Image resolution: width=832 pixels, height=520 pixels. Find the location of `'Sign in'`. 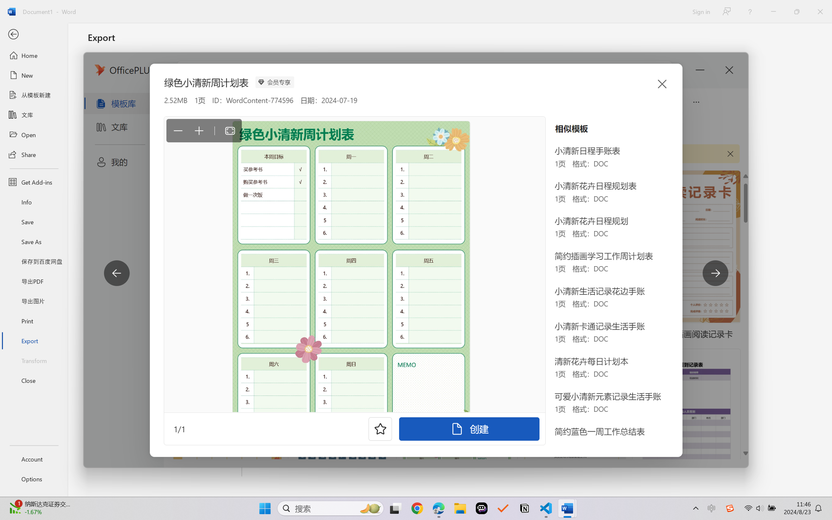

'Sign in' is located at coordinates (700, 11).